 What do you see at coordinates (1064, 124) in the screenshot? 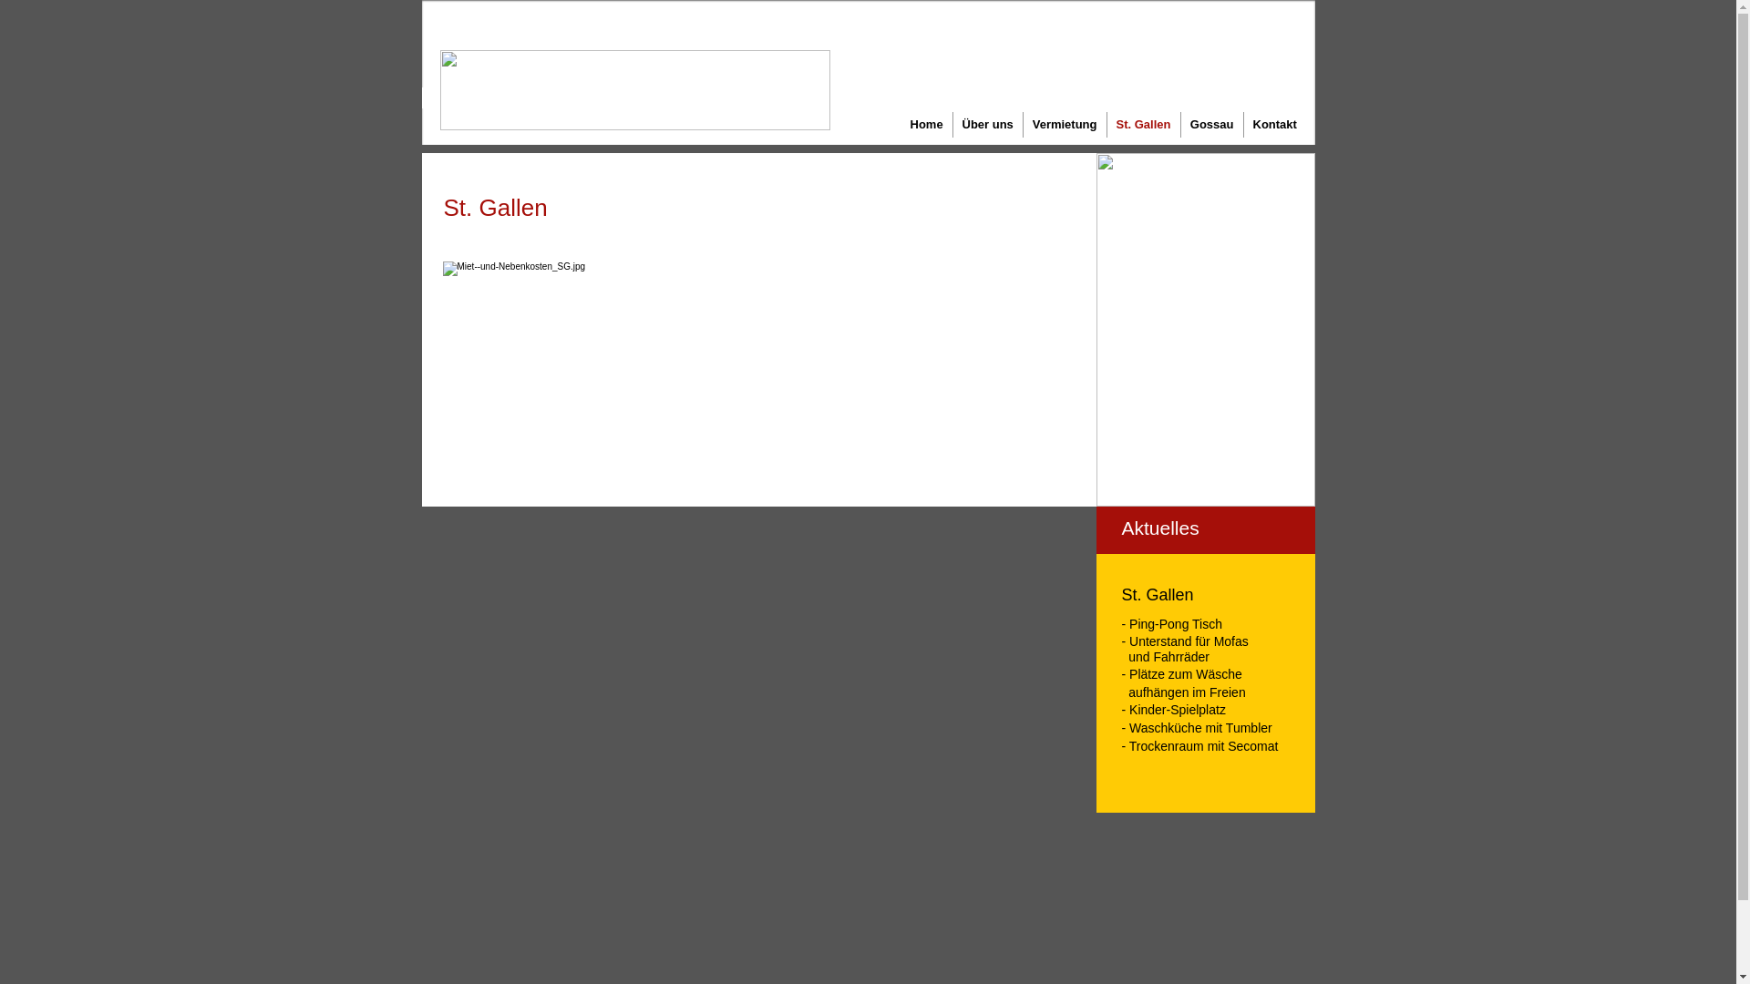
I see `'Vermietung'` at bounding box center [1064, 124].